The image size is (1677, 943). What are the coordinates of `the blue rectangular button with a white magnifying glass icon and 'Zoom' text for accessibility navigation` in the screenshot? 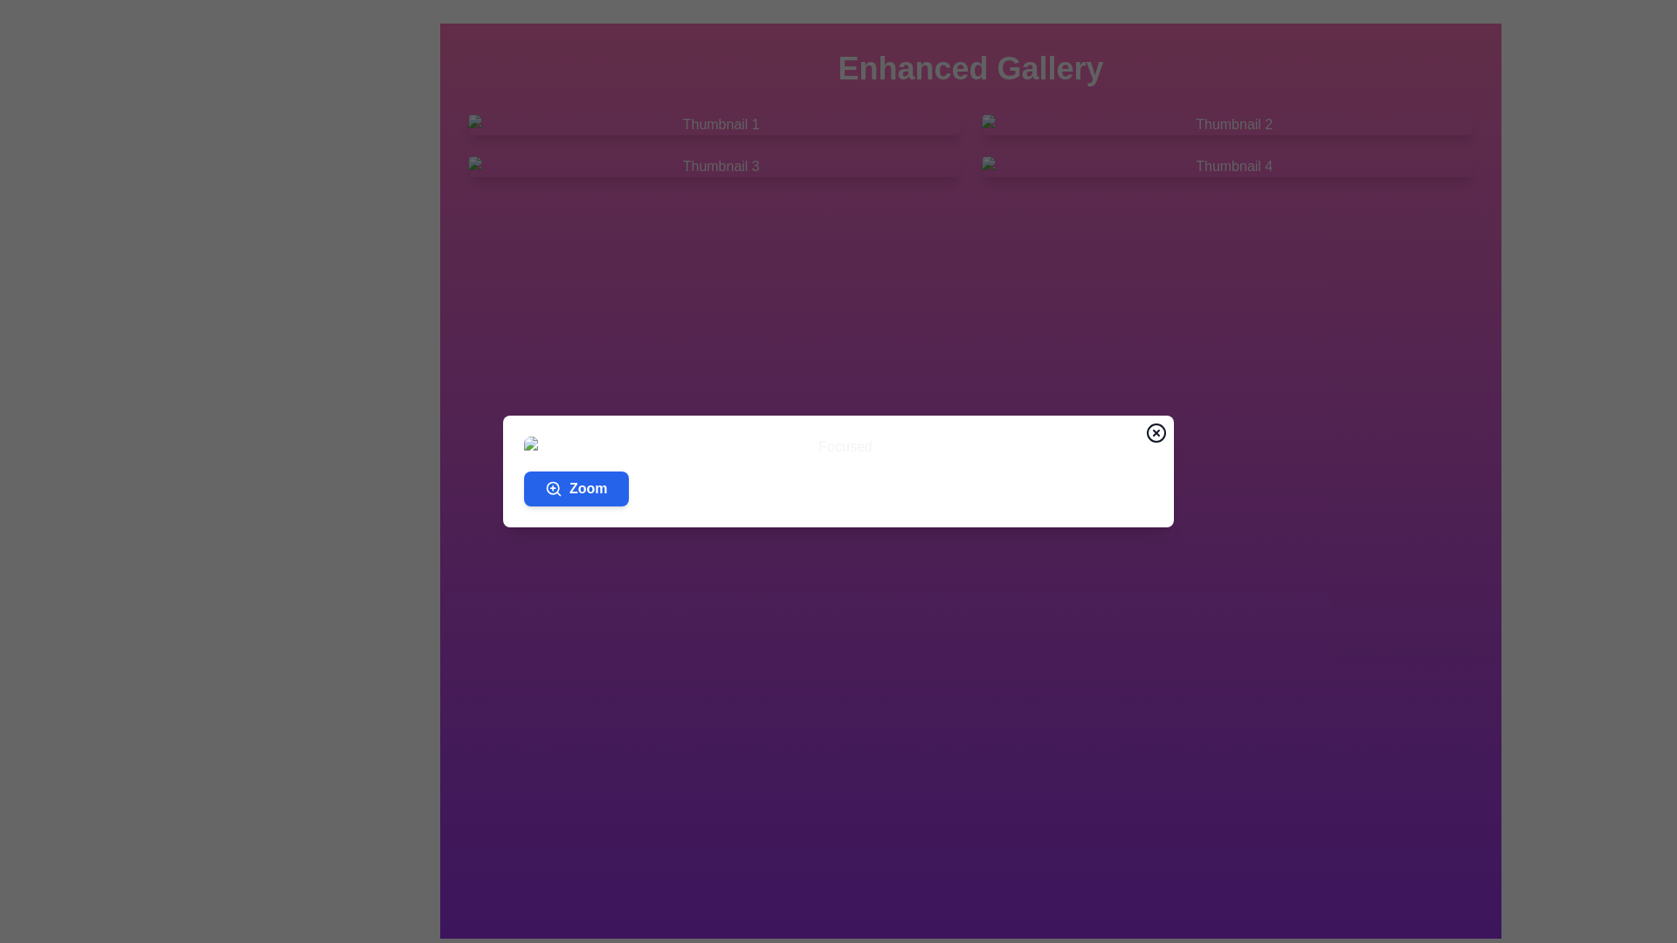 It's located at (576, 488).